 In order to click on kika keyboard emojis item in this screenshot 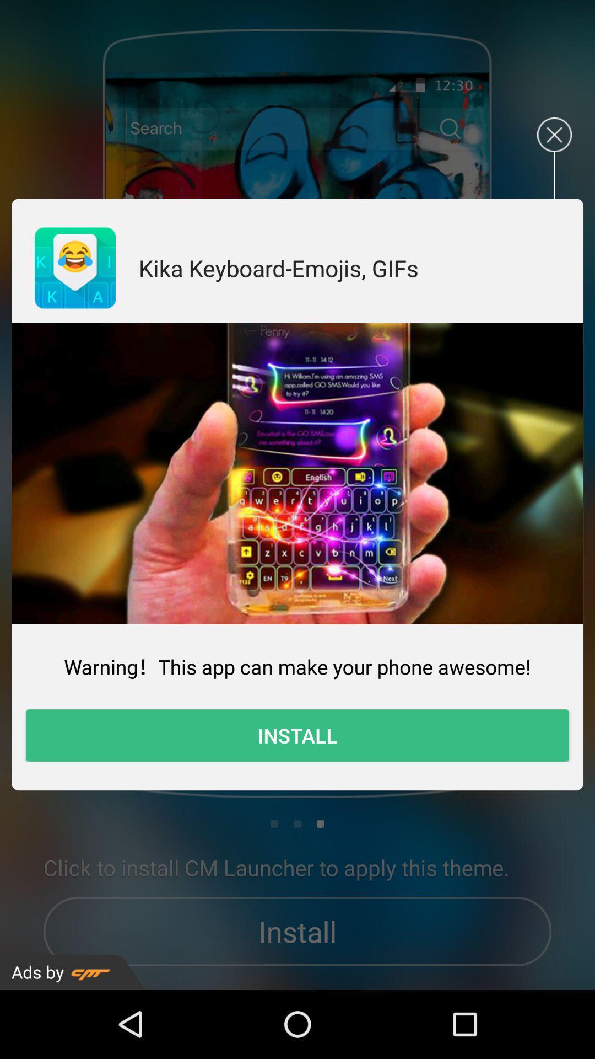, I will do `click(278, 268)`.